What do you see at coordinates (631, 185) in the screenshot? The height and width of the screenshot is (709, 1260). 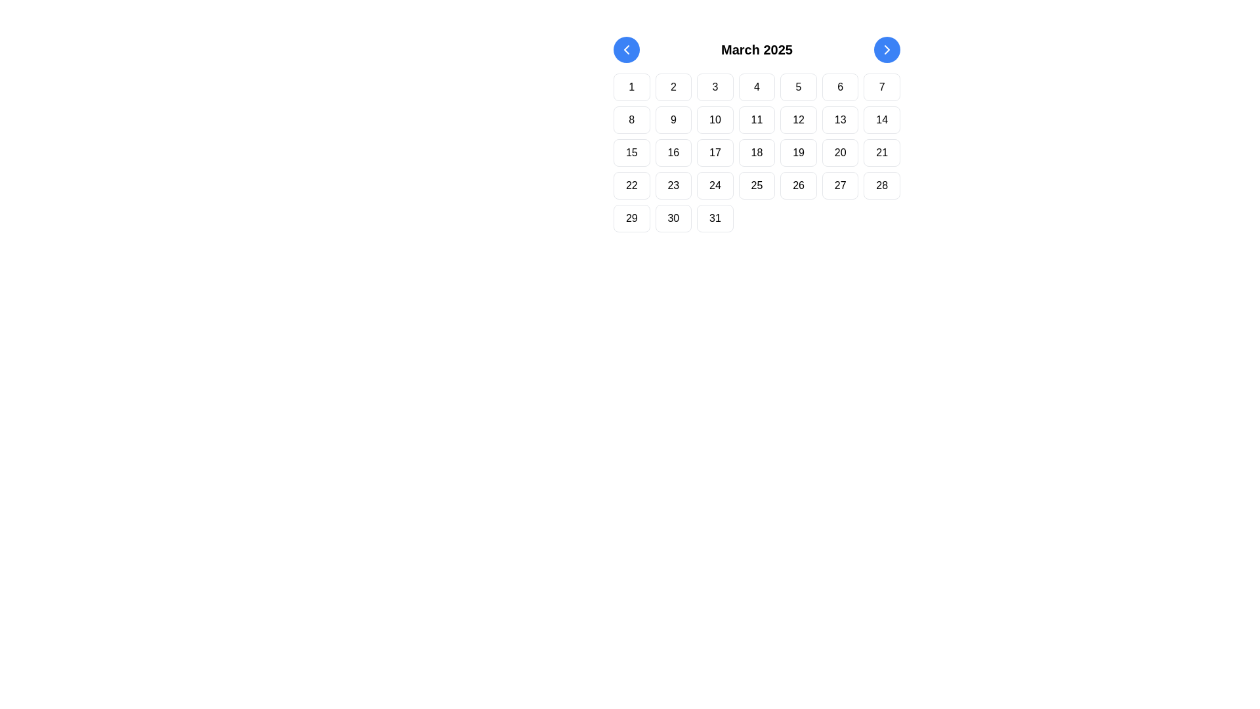 I see `the calendar button representing the 22nd day of March 2025, located in the fourth row and first column of the grid` at bounding box center [631, 185].